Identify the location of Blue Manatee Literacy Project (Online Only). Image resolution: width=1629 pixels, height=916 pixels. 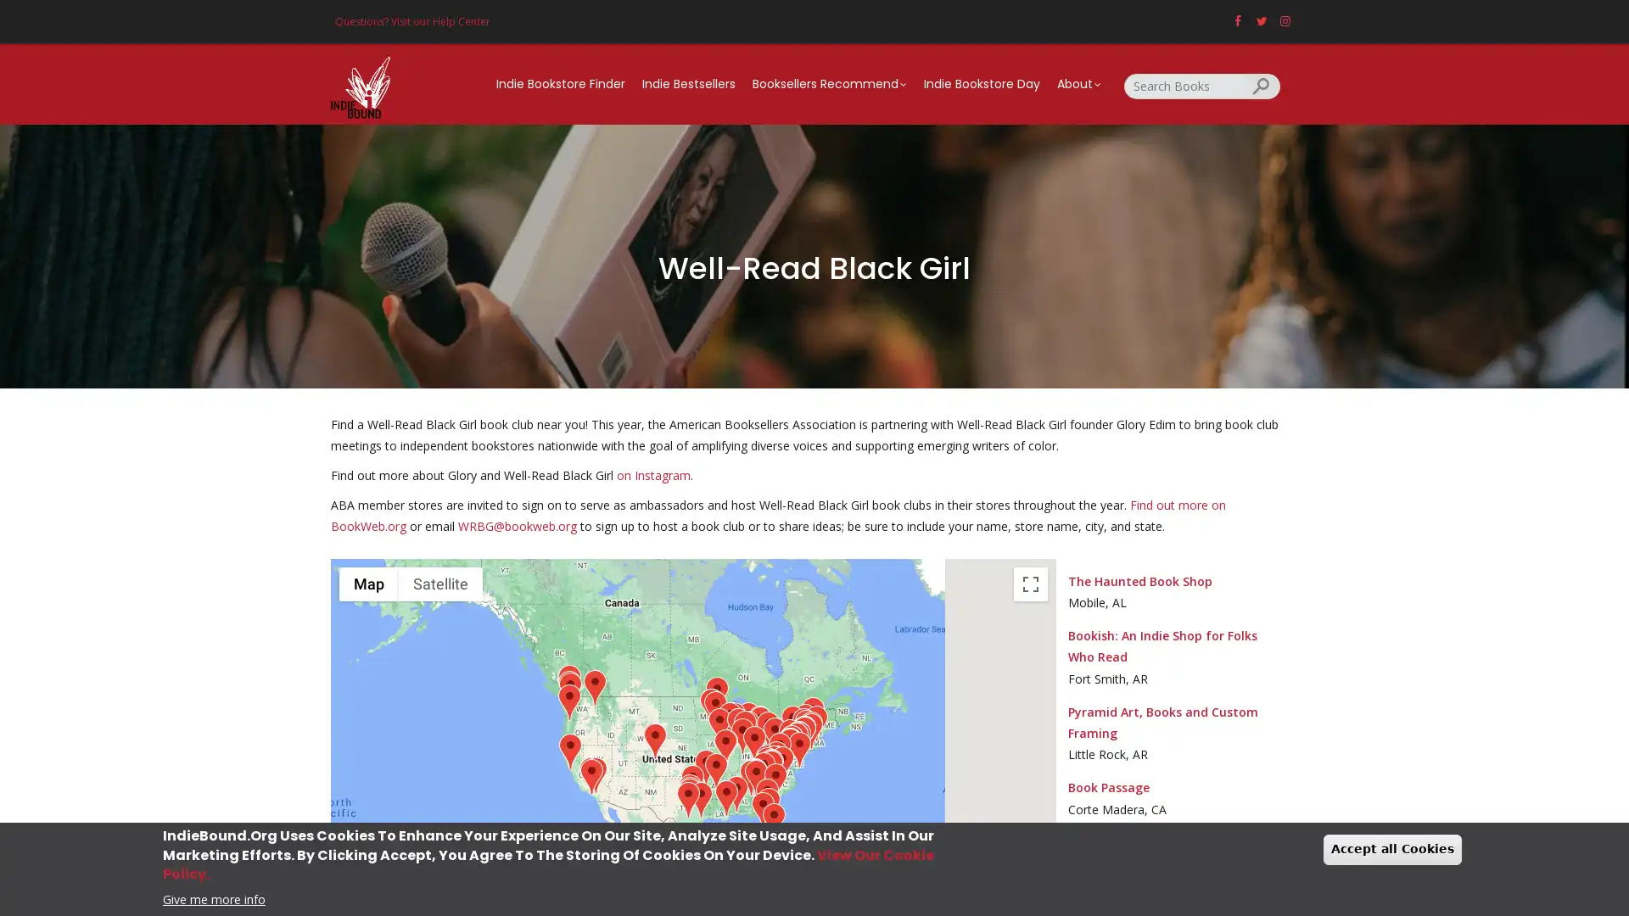
(753, 742).